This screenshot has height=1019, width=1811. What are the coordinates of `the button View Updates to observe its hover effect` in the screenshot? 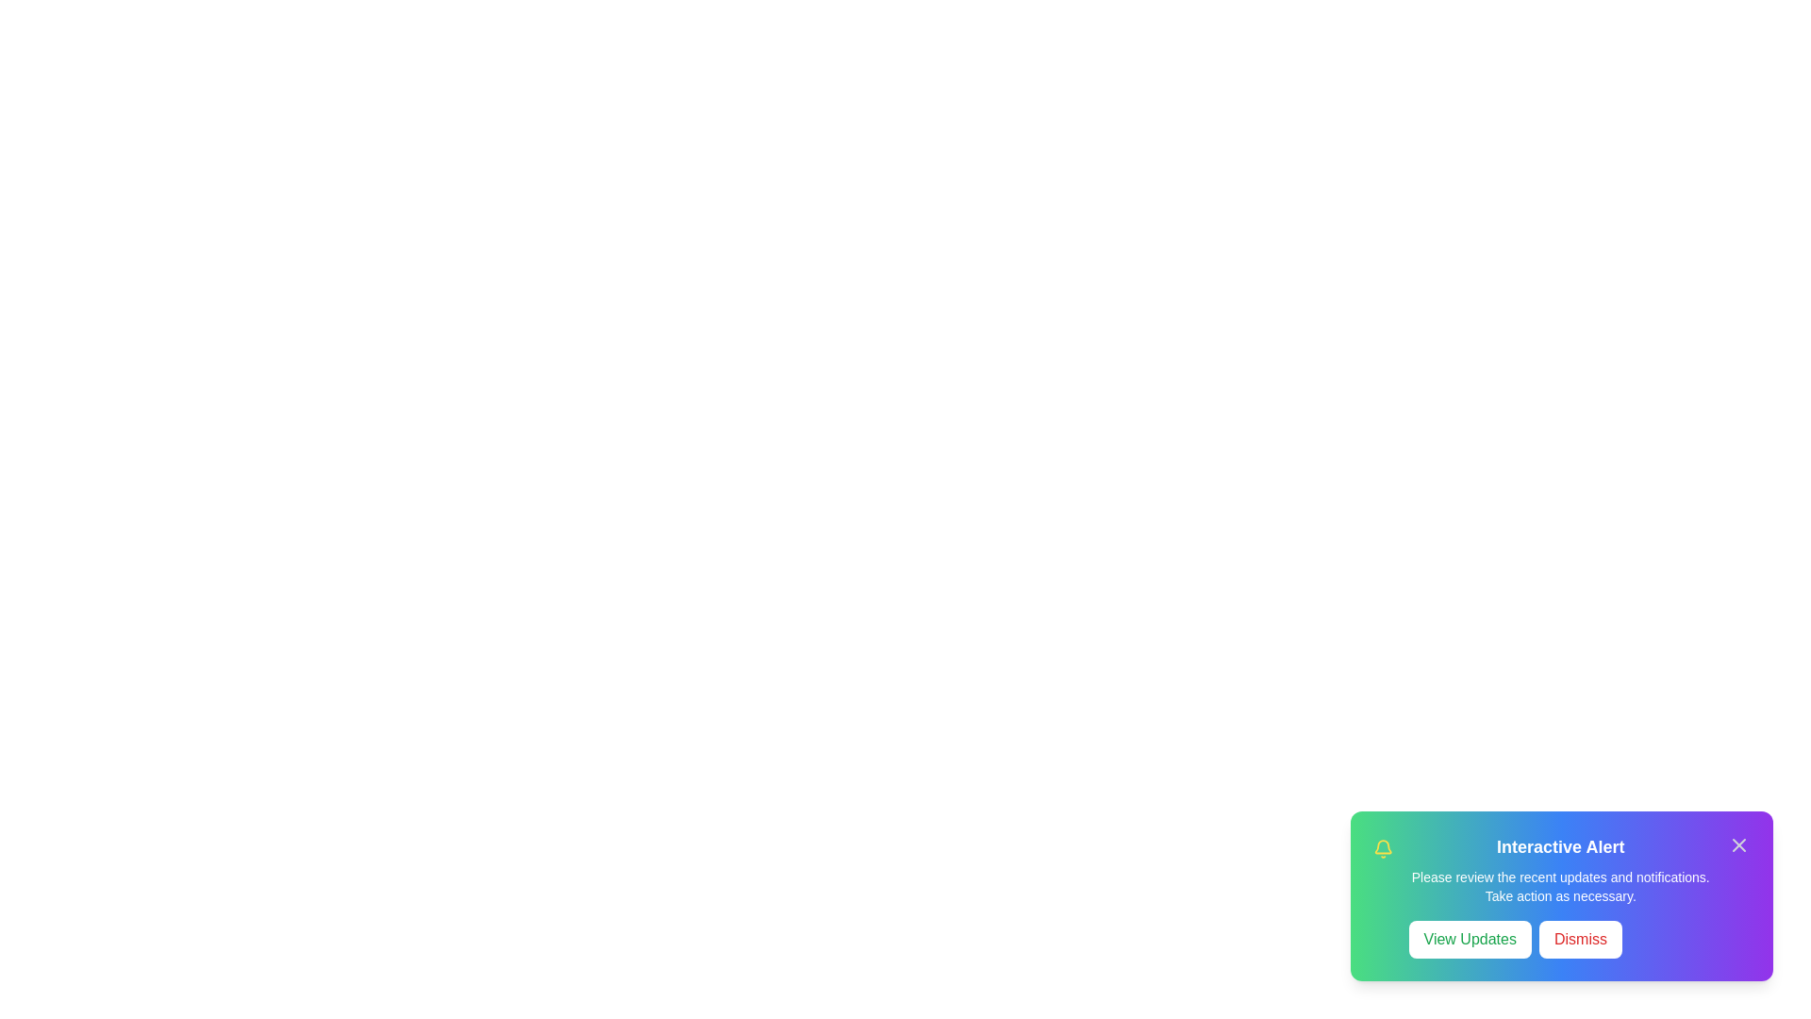 It's located at (1469, 939).